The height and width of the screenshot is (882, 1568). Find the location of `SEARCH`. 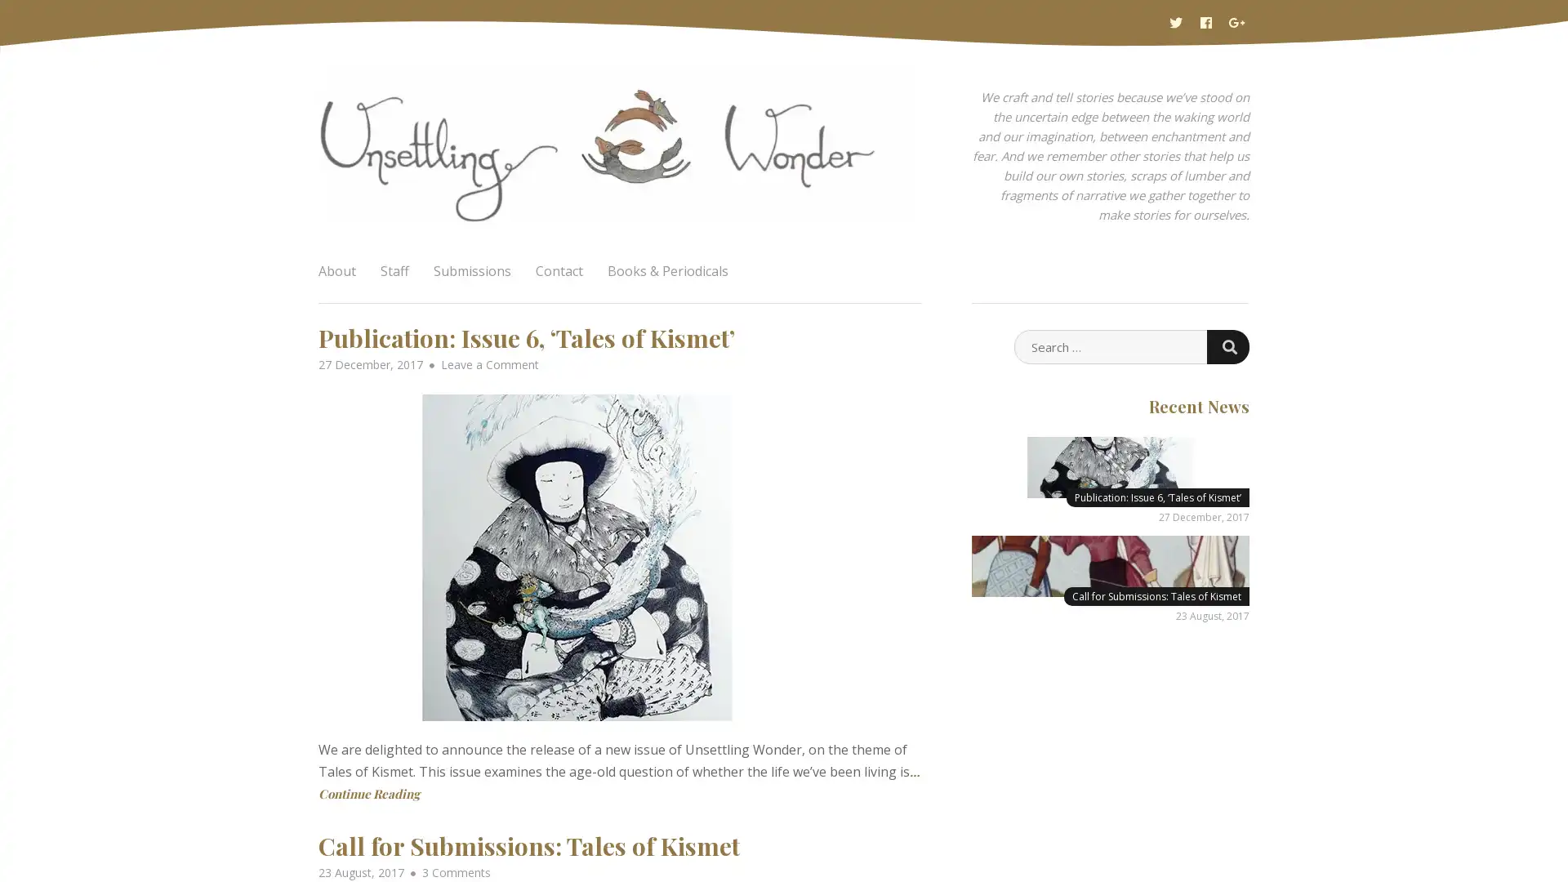

SEARCH is located at coordinates (1227, 345).